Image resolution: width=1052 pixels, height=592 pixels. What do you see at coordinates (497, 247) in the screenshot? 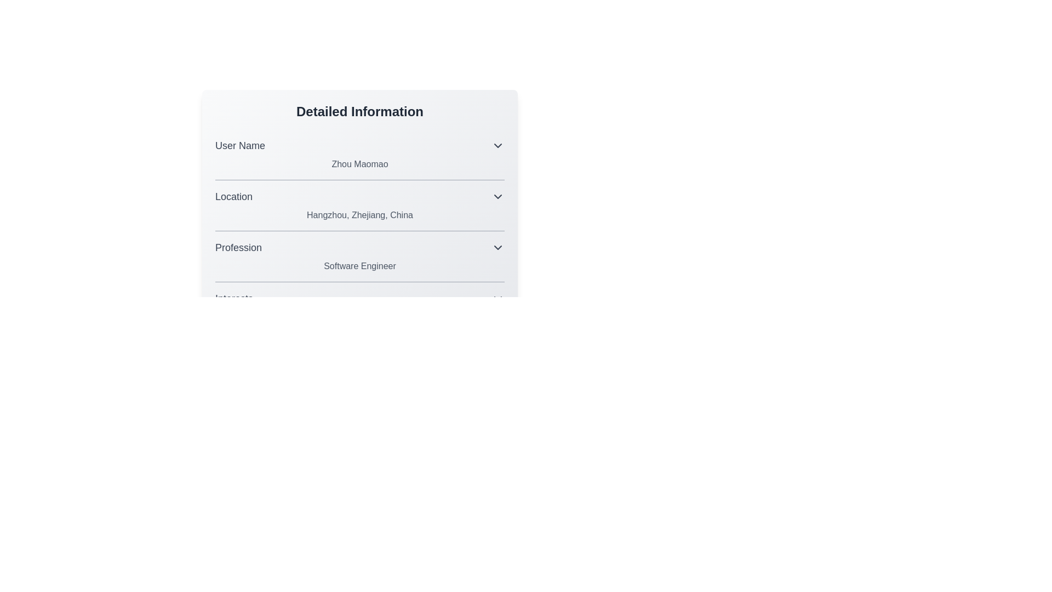
I see `the downward-facing chevron icon located on the far-right side of the 'Profession' row` at bounding box center [497, 247].